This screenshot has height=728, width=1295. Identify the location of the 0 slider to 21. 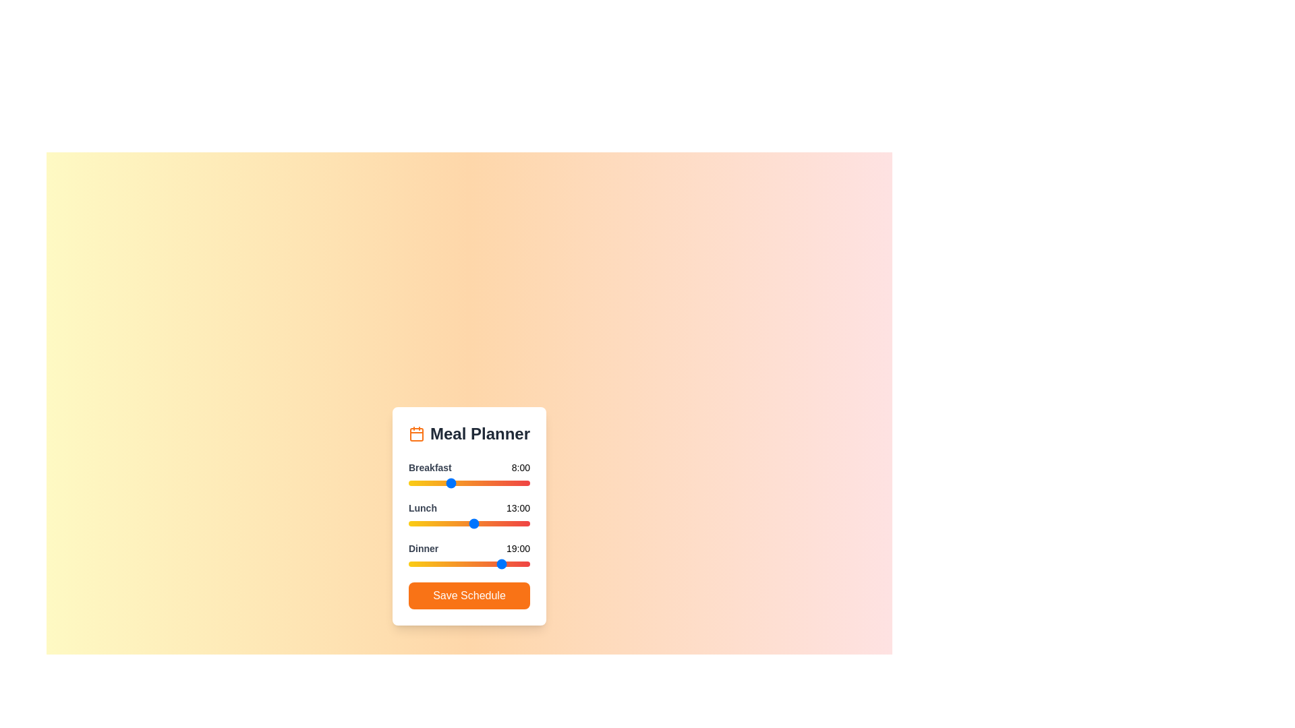
(514, 483).